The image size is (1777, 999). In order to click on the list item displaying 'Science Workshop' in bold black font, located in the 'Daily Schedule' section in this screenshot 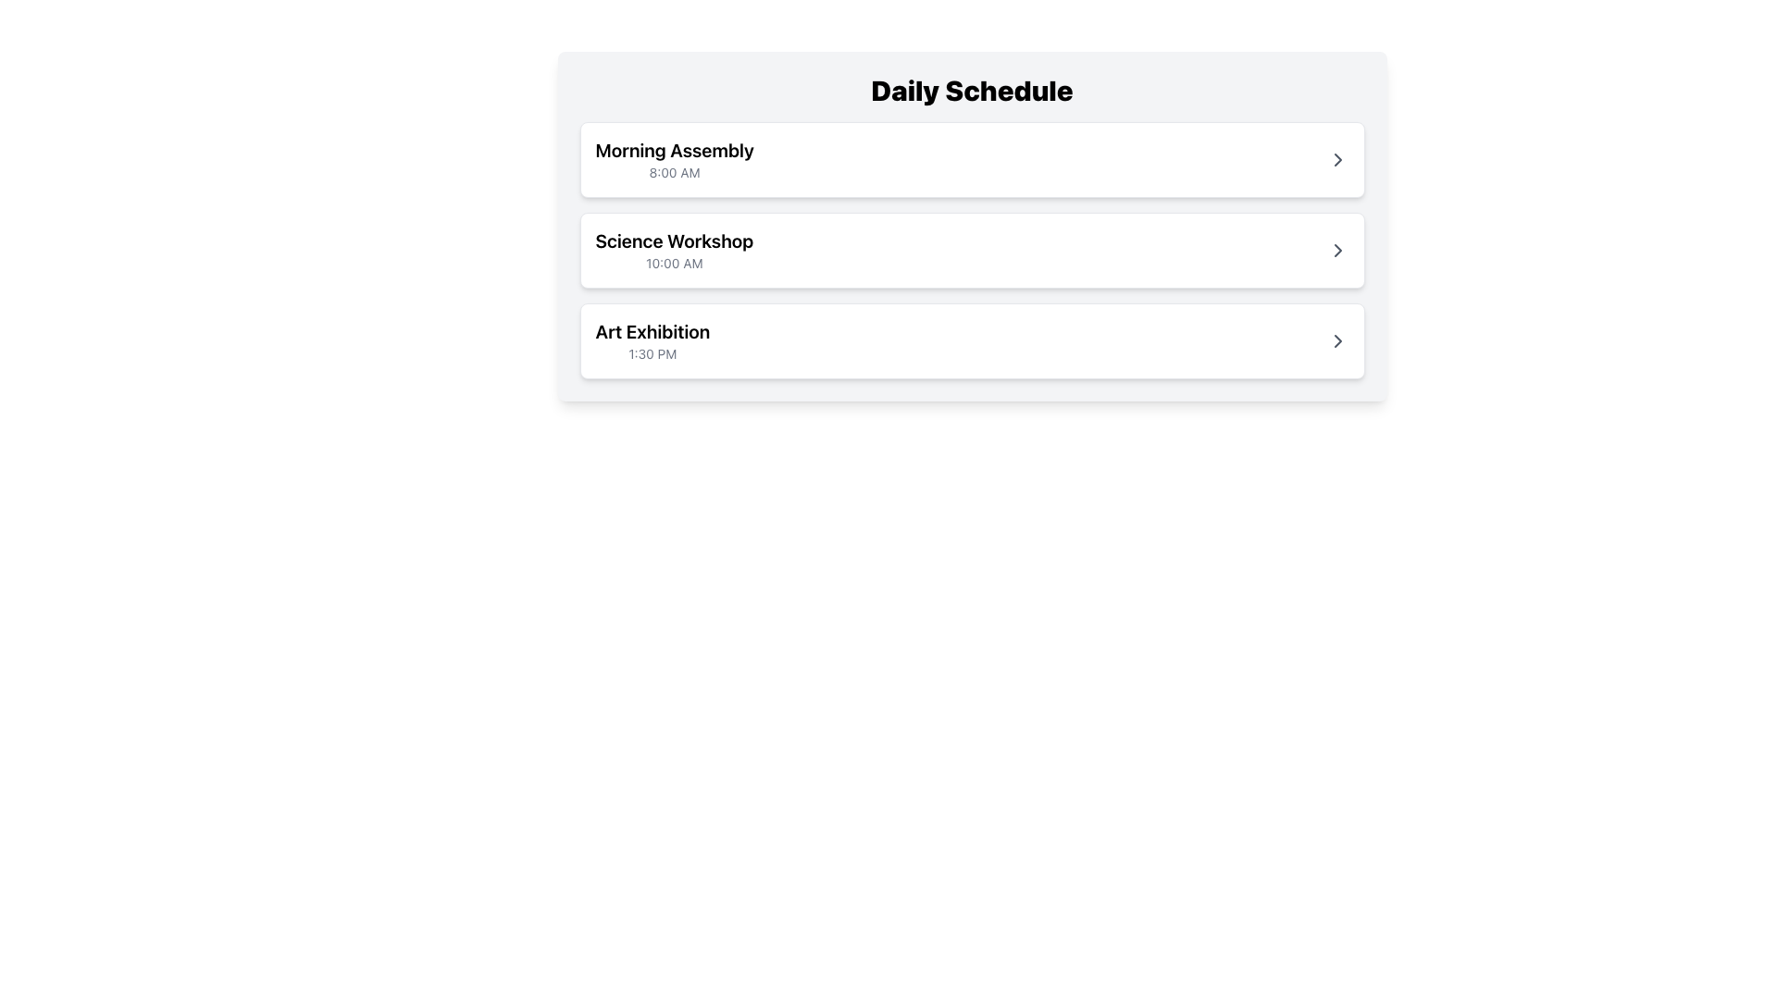, I will do `click(971, 250)`.